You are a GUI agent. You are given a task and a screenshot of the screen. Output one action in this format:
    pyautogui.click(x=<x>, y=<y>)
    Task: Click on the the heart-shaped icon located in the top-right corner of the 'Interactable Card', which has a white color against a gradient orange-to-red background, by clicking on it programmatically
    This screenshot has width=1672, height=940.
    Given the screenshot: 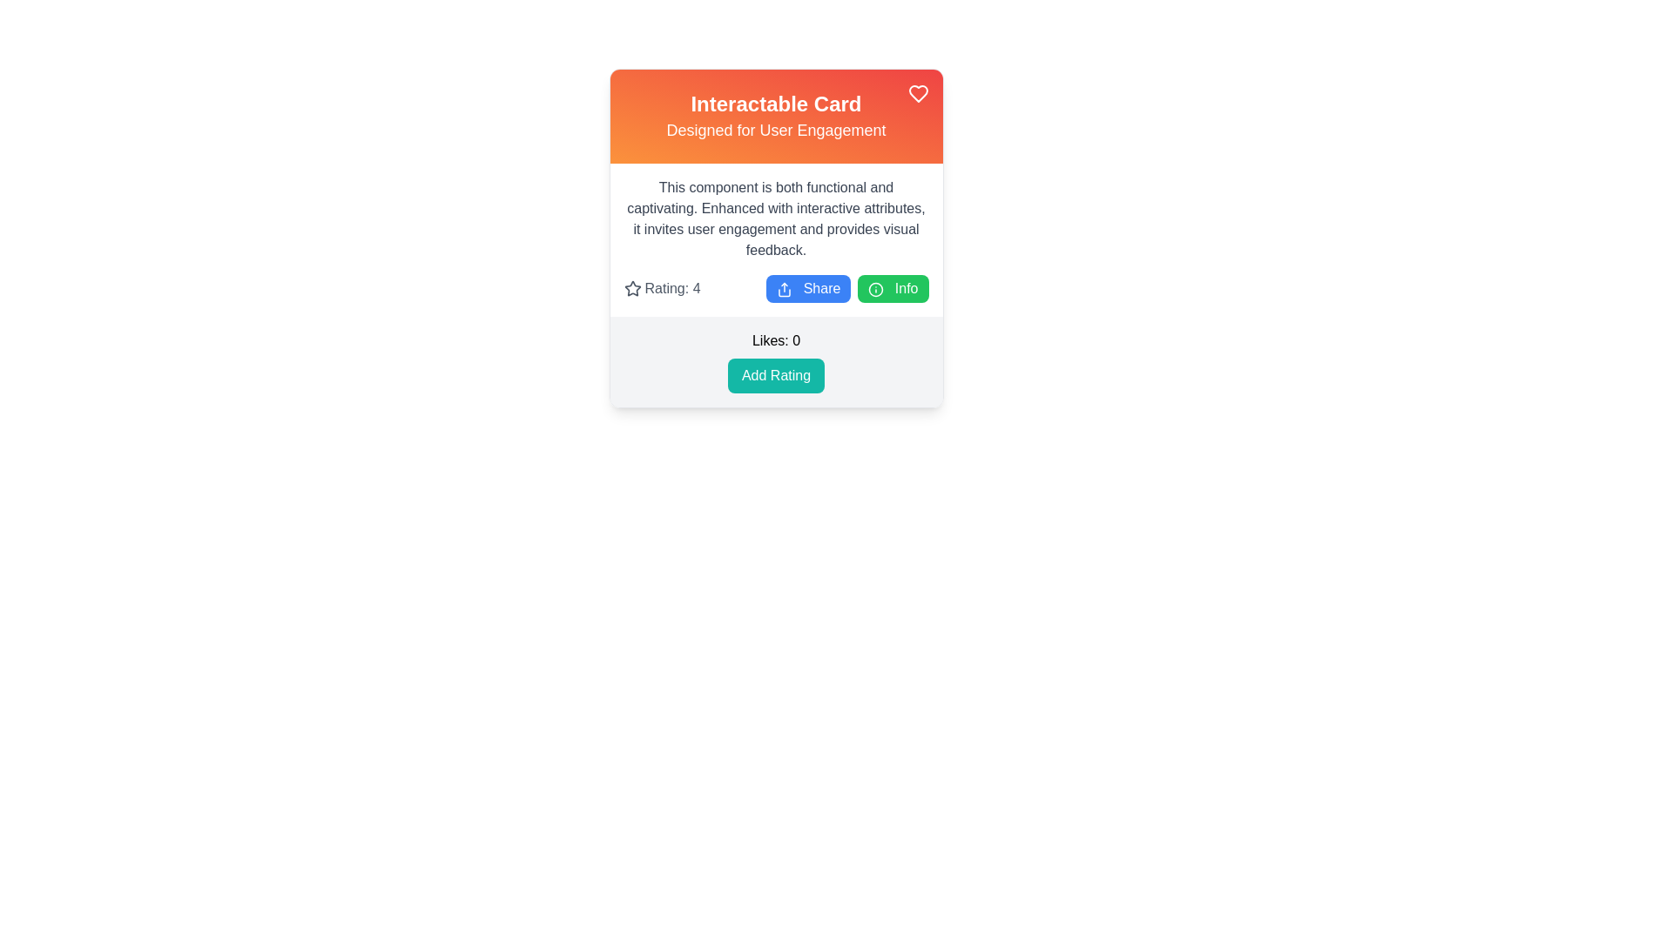 What is the action you would take?
    pyautogui.click(x=917, y=94)
    